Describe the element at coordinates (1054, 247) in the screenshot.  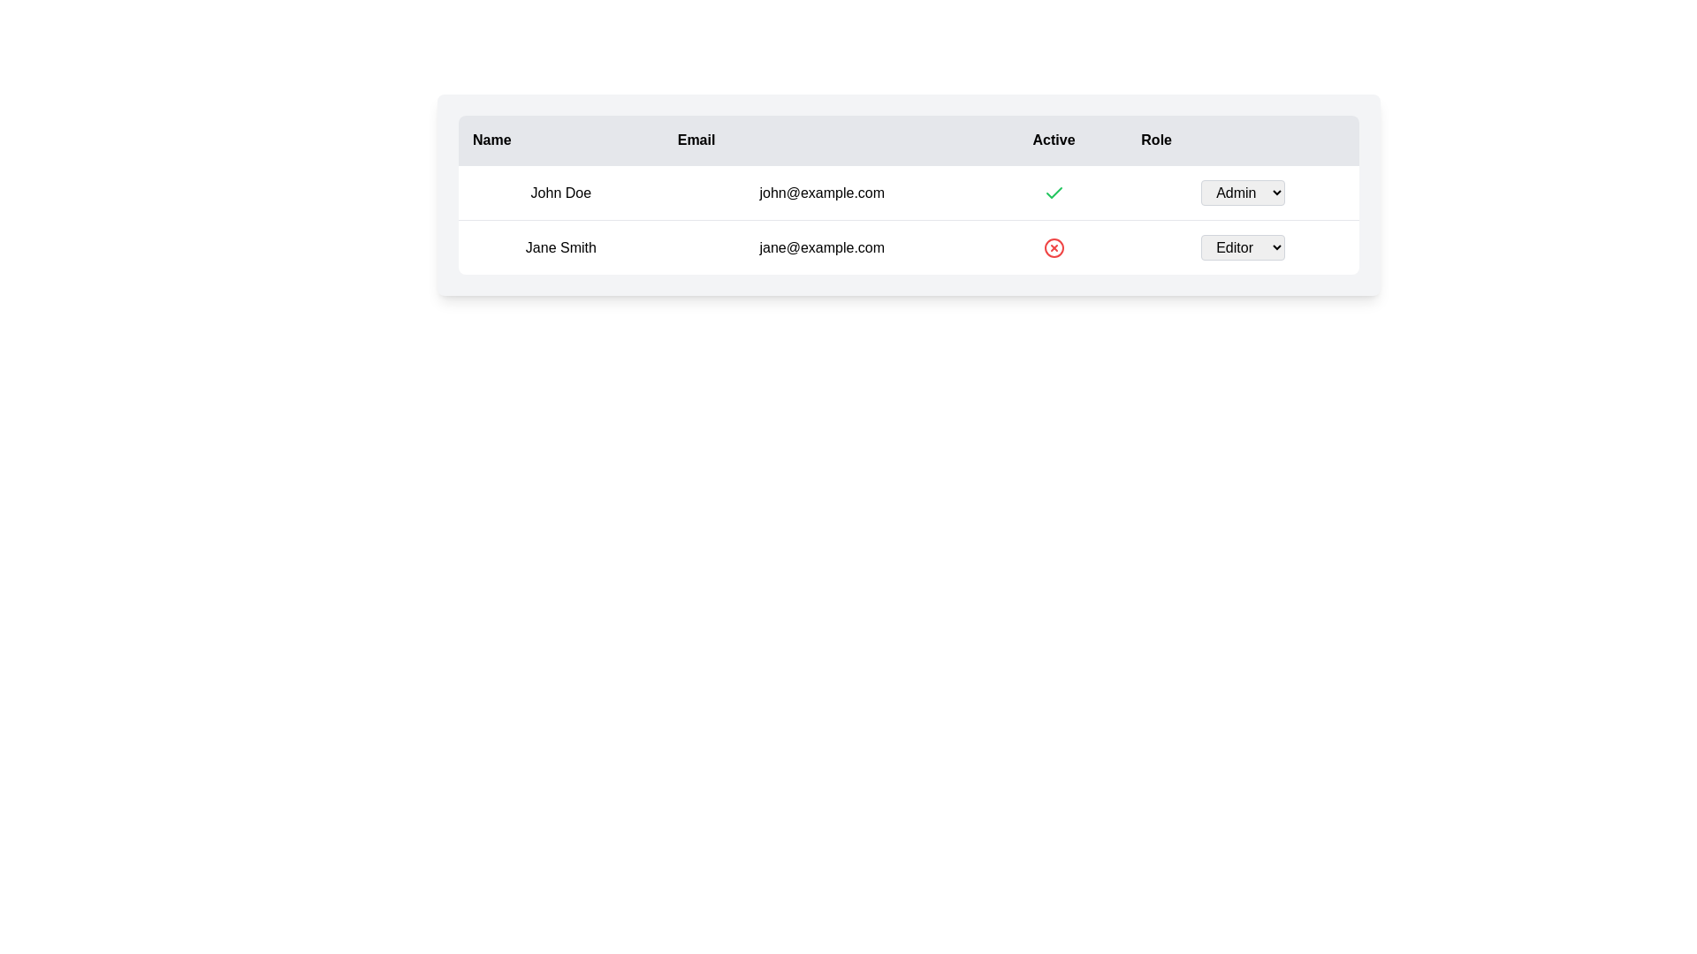
I see `the status indicator icon in the 'Active' column of the second row` at that location.